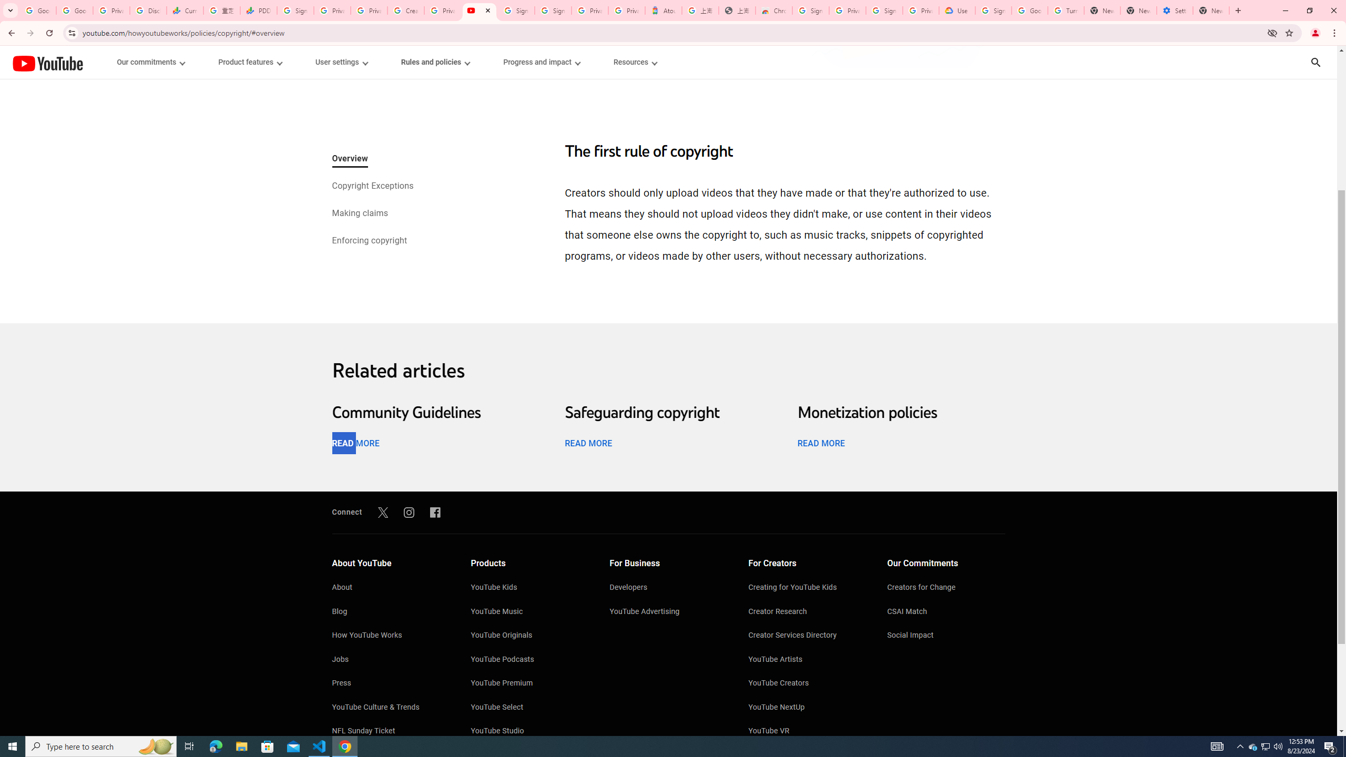 The width and height of the screenshot is (1346, 757). What do you see at coordinates (37, 10) in the screenshot?
I see `'Google Workspace Admin Community'` at bounding box center [37, 10].